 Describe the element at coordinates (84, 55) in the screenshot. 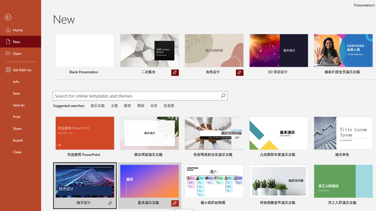

I see `'Blank Presentation'` at that location.